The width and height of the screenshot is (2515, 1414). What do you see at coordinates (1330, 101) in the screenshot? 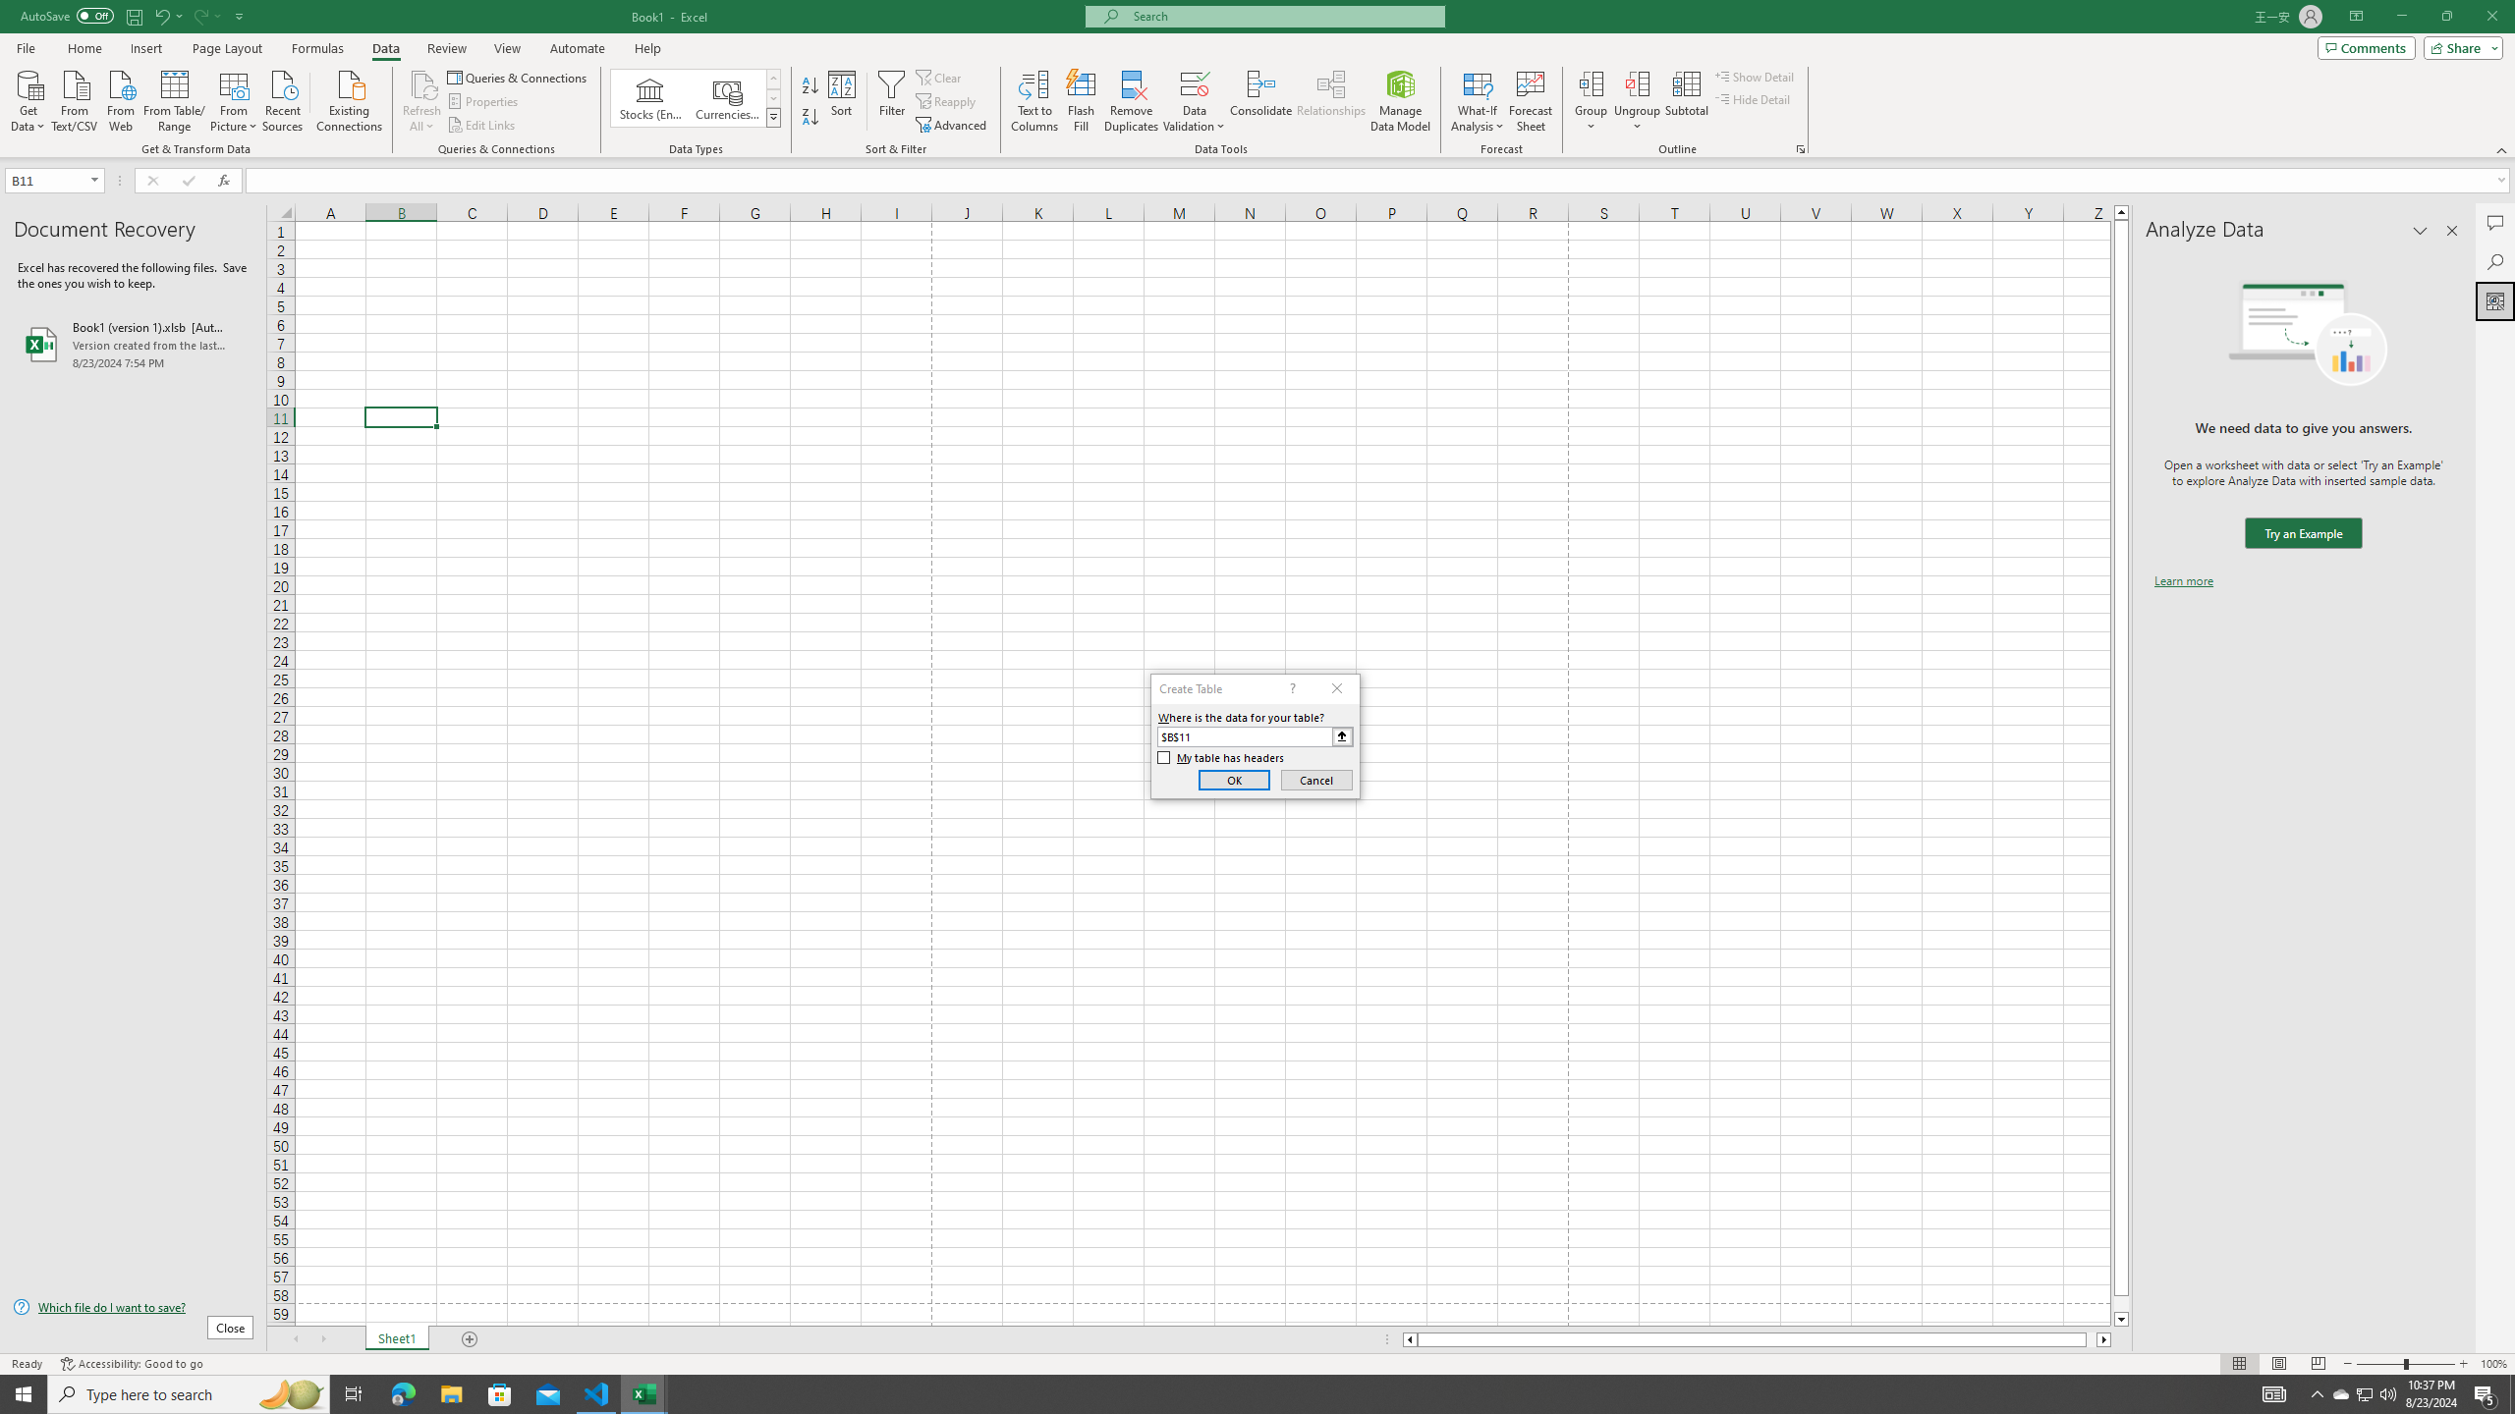
I see `'Relationships'` at bounding box center [1330, 101].